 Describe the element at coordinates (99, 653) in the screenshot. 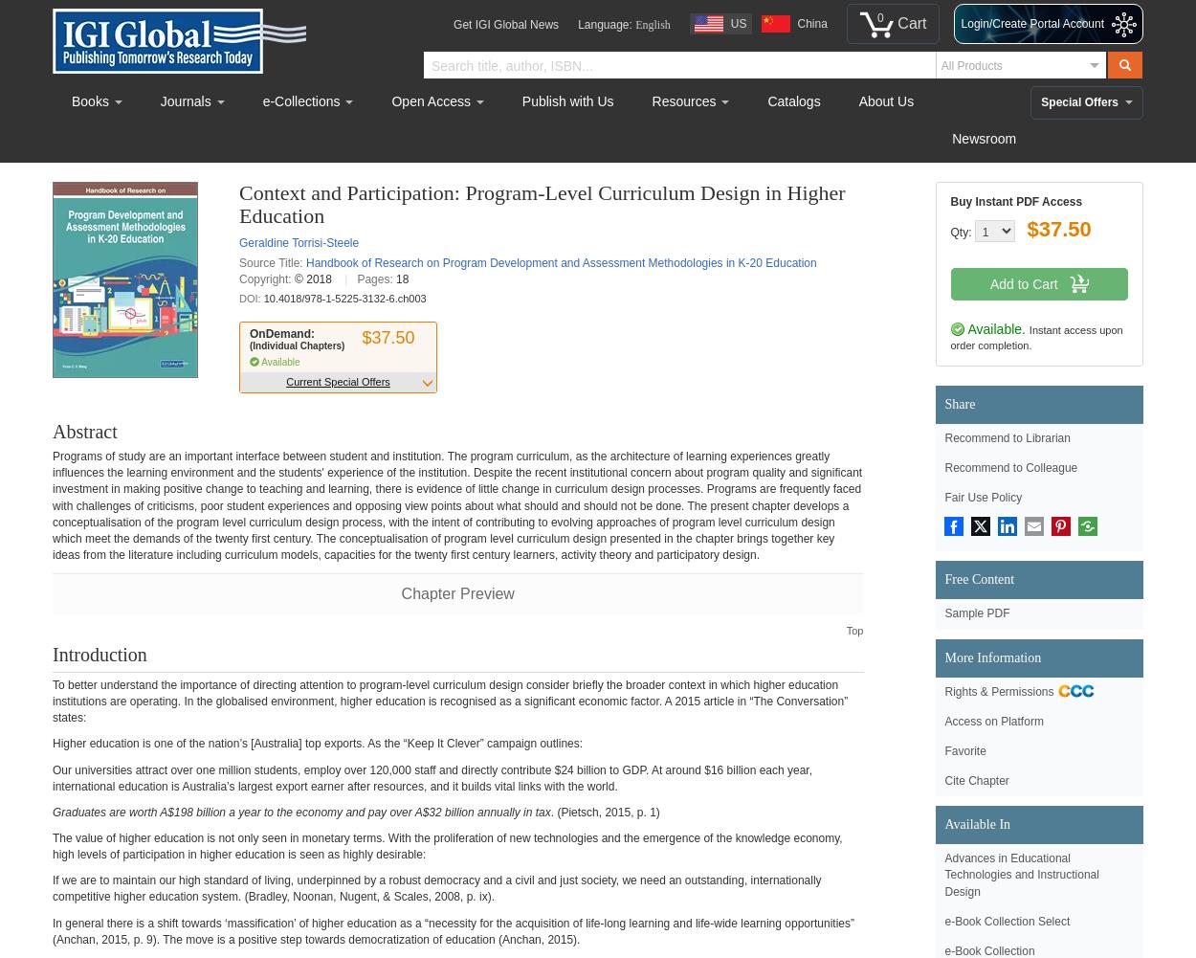

I see `'Introduction'` at that location.